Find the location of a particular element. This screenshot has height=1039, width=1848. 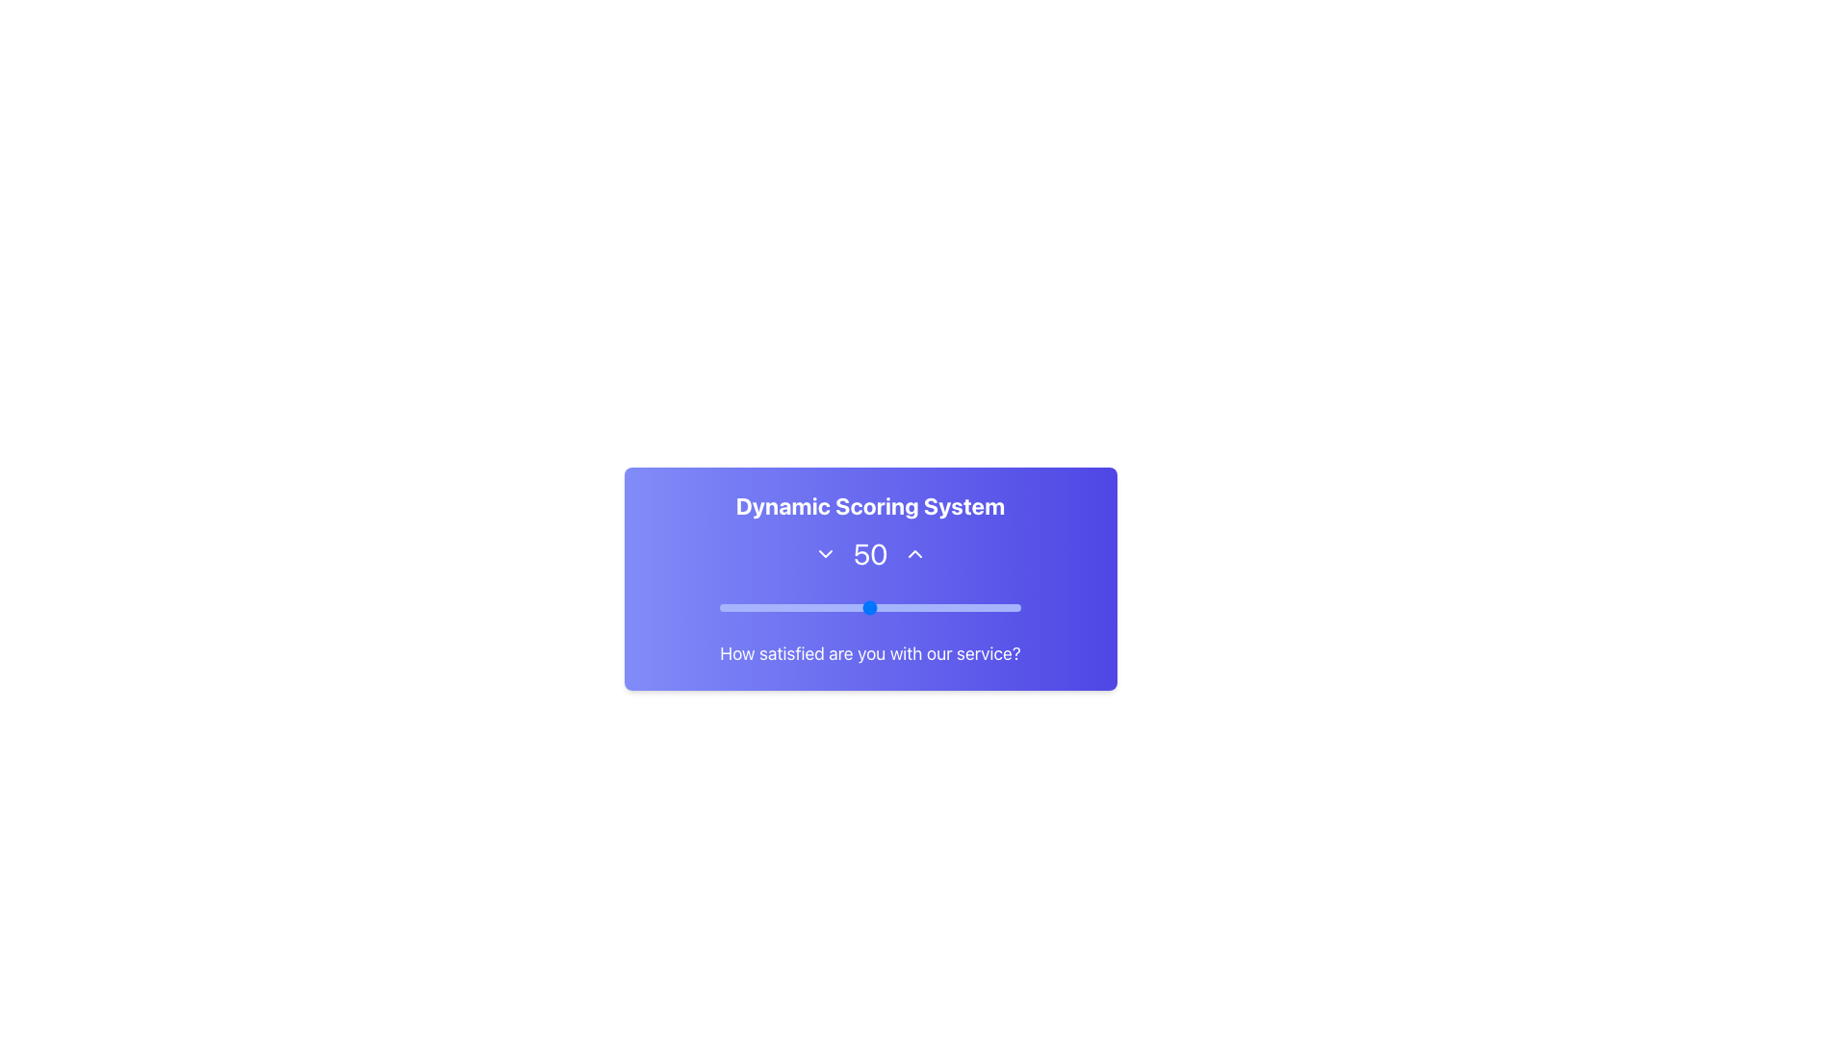

and drag the range slider handle located centrally below the numeric display labeled '50' to adjust the satisfaction level value is located at coordinates (869, 608).